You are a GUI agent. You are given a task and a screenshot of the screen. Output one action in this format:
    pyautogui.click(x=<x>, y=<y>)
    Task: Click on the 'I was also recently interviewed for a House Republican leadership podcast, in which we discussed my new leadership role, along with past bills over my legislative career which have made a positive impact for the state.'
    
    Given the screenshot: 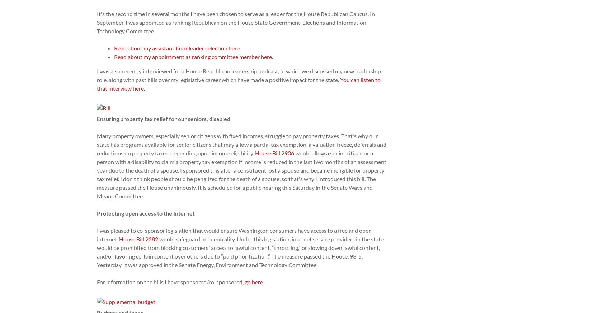 What is the action you would take?
    pyautogui.click(x=239, y=75)
    